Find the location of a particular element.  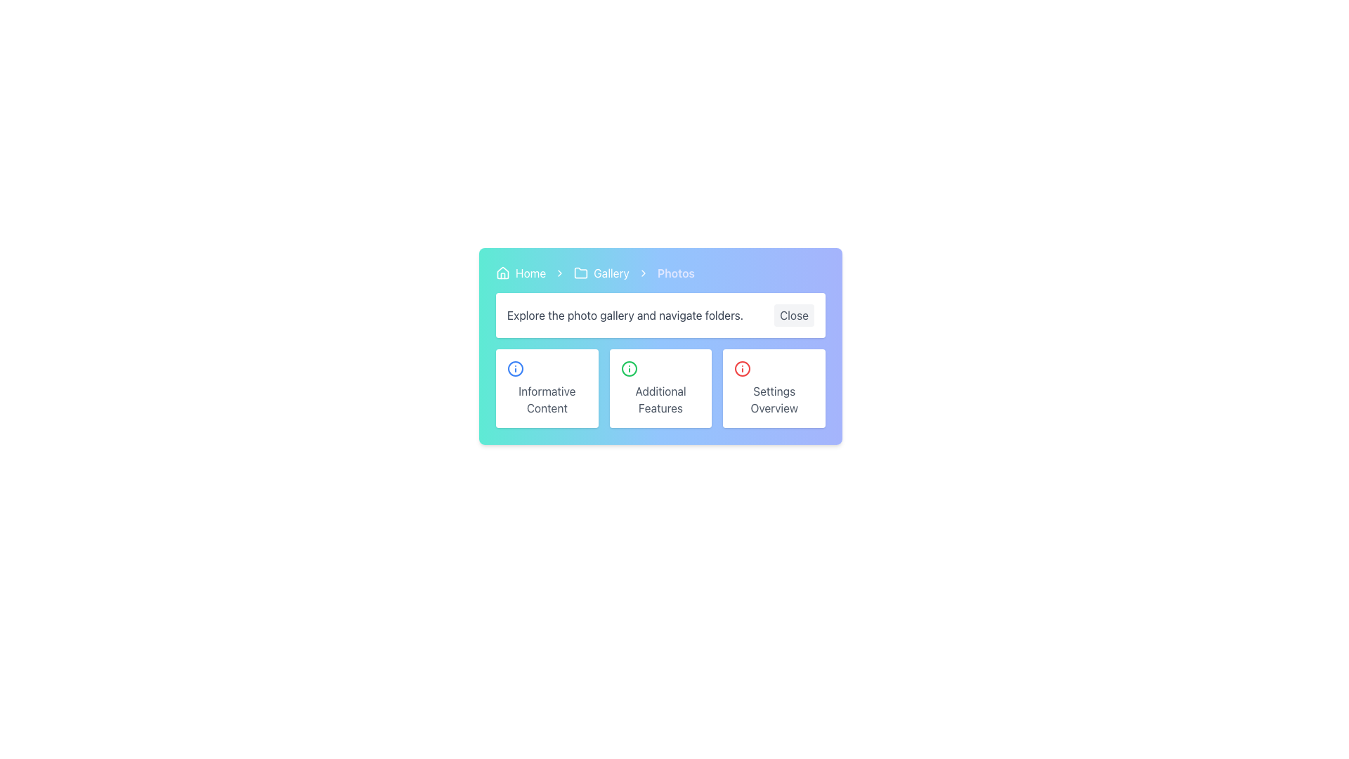

the circular graphic element outlined in blue, which is centered within the lower-left informational box labeled 'Informative Content' is located at coordinates (515, 368).